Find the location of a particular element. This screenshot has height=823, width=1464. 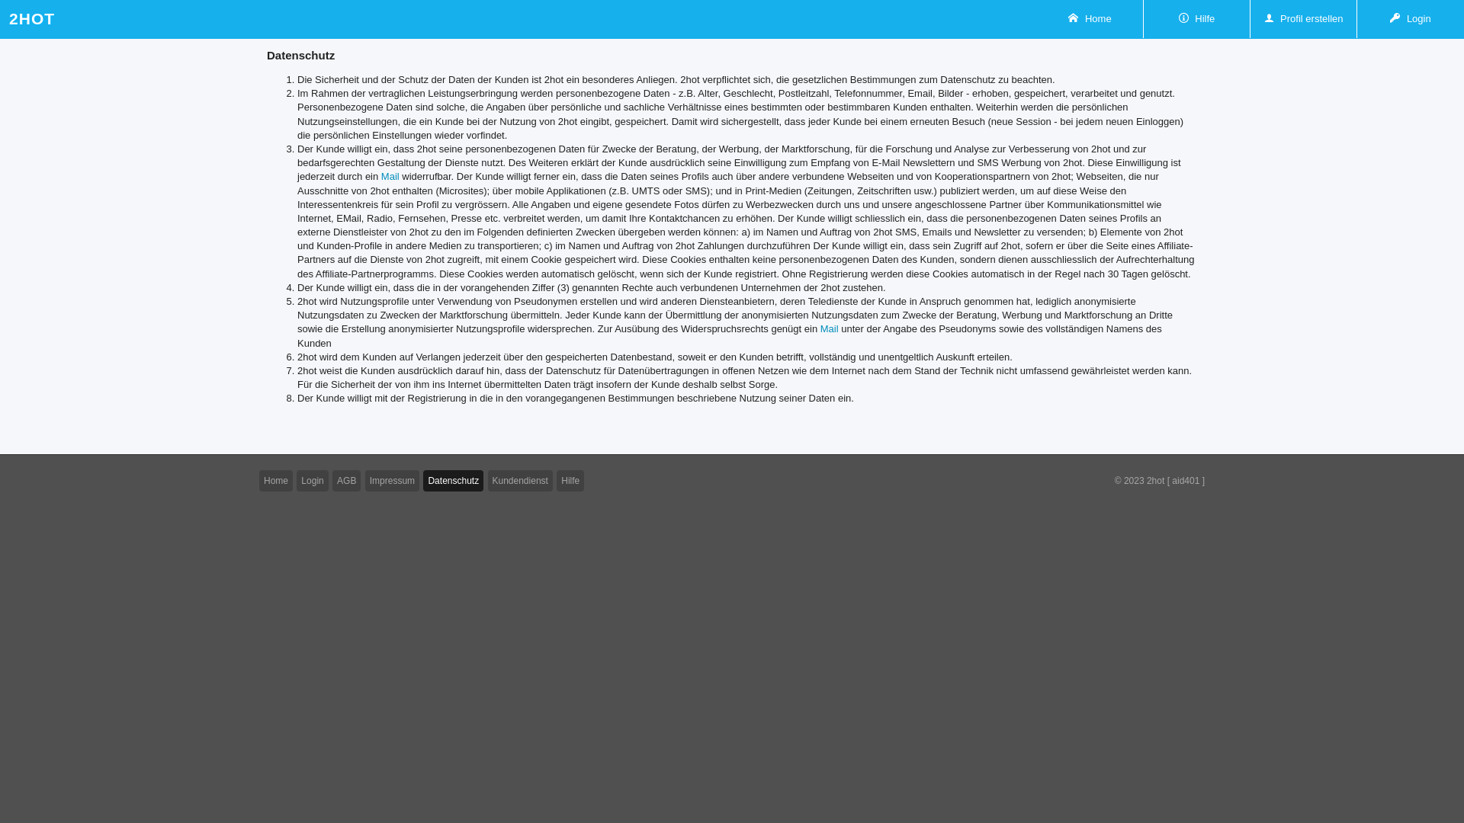

'Profil erstellen' is located at coordinates (1302, 18).